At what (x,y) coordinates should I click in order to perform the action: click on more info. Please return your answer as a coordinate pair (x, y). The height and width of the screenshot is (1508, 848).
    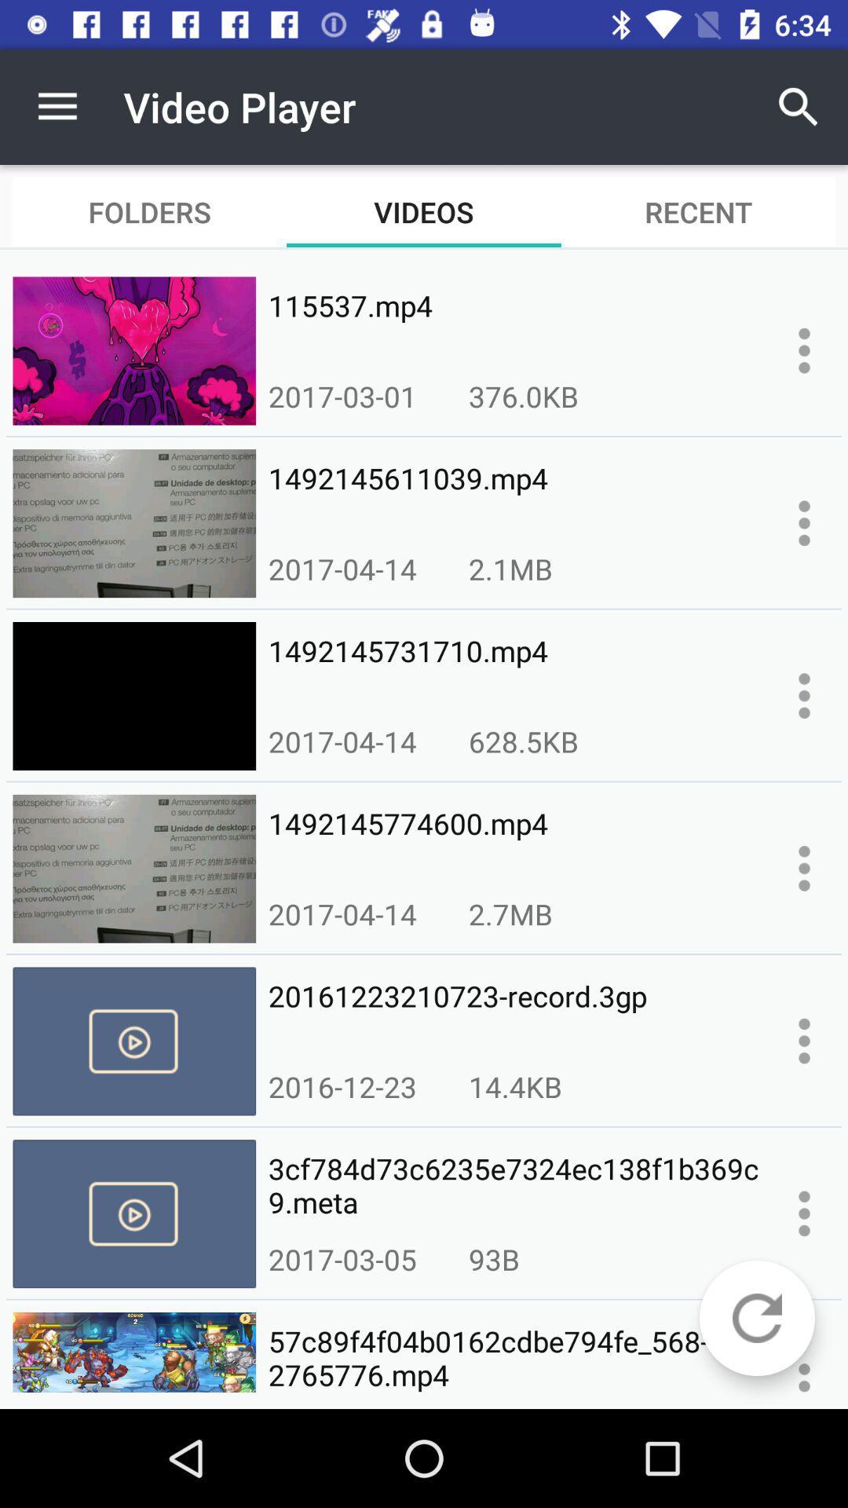
    Looking at the image, I should click on (804, 695).